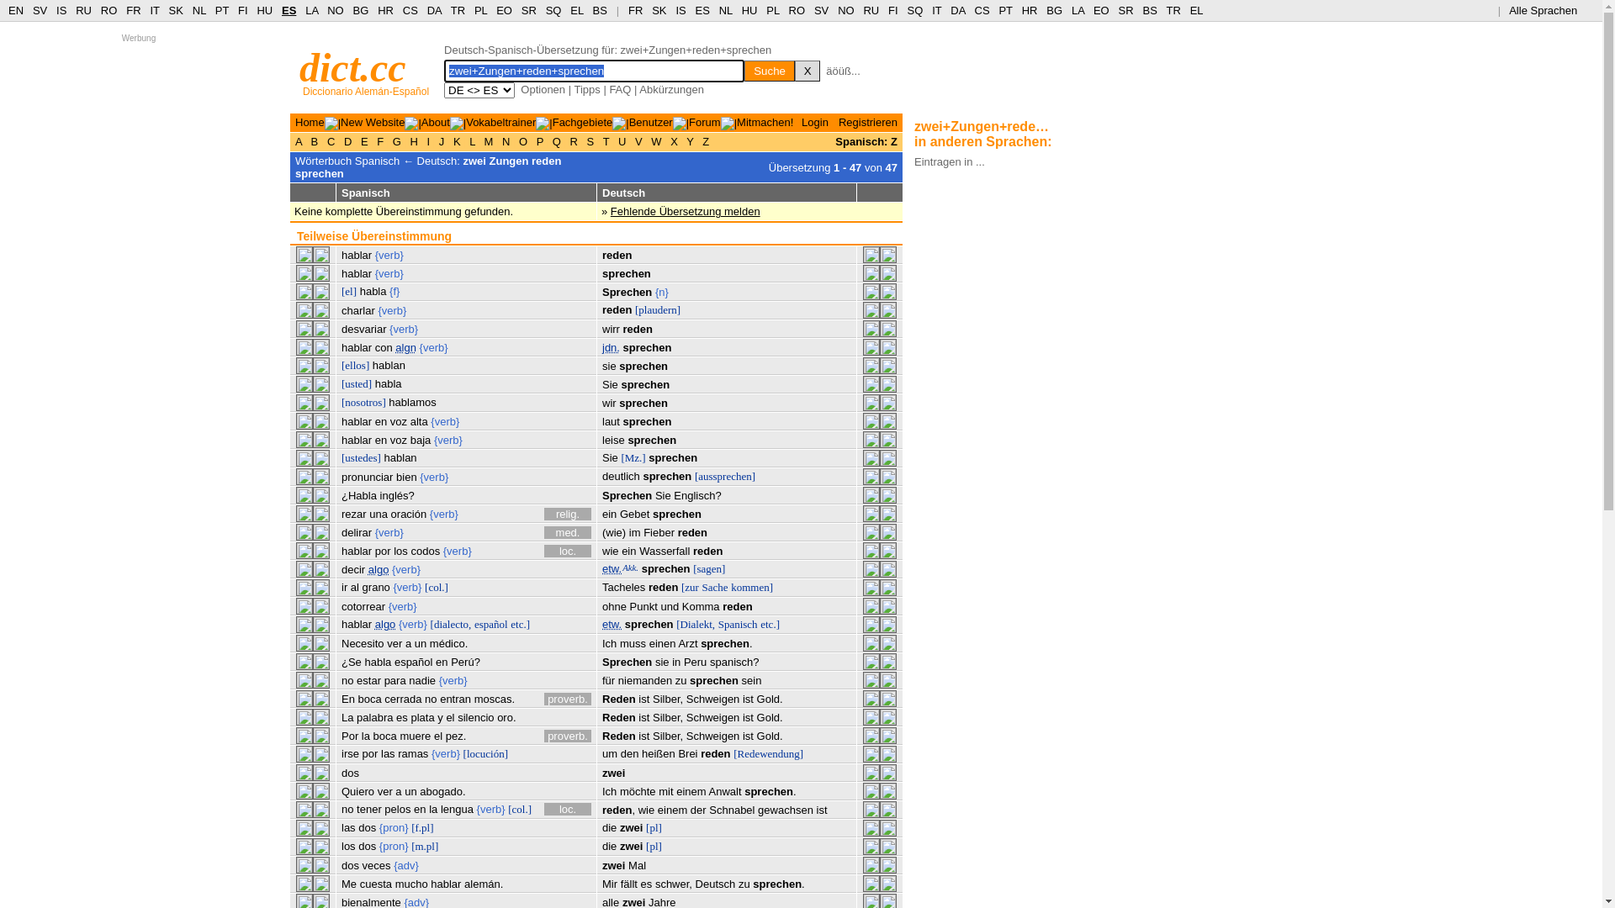  I want to click on 'Englisch?', so click(697, 494).